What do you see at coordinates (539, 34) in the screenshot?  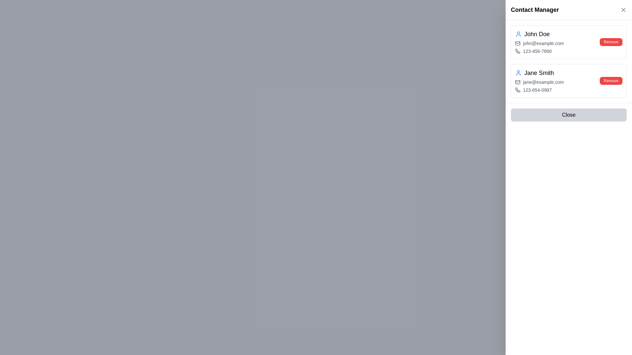 I see `the Text label with an accompanying icon at the top of the first contact card in the 'Contact Manager' panel to identify the contact's primary identity` at bounding box center [539, 34].